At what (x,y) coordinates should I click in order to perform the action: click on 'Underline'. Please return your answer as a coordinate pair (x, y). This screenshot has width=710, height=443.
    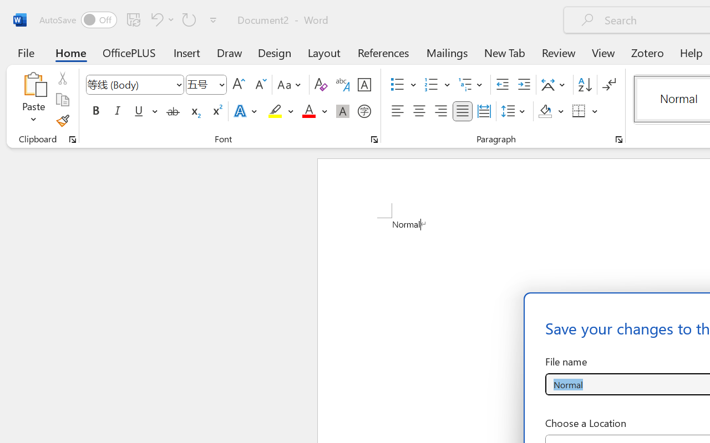
    Looking at the image, I should click on (138, 111).